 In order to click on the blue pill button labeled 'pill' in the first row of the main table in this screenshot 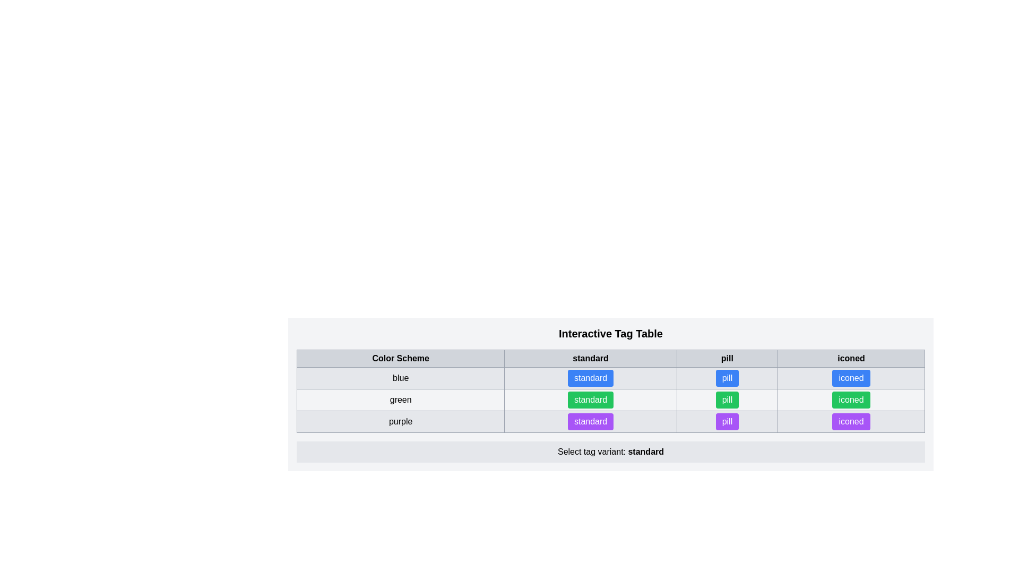, I will do `click(727, 378)`.